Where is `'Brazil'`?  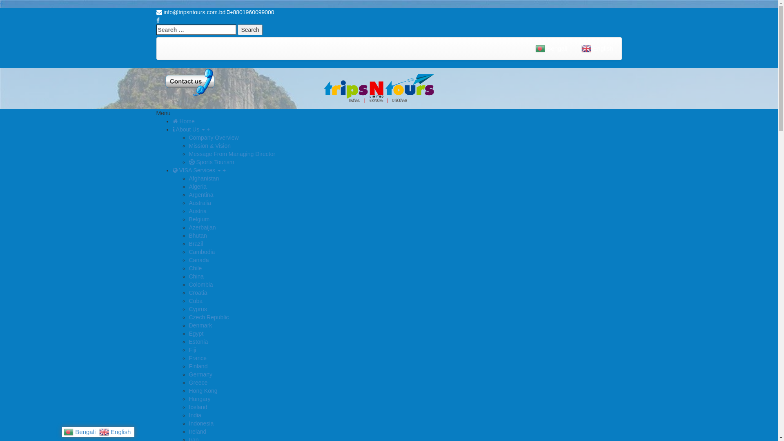
'Brazil' is located at coordinates (188, 243).